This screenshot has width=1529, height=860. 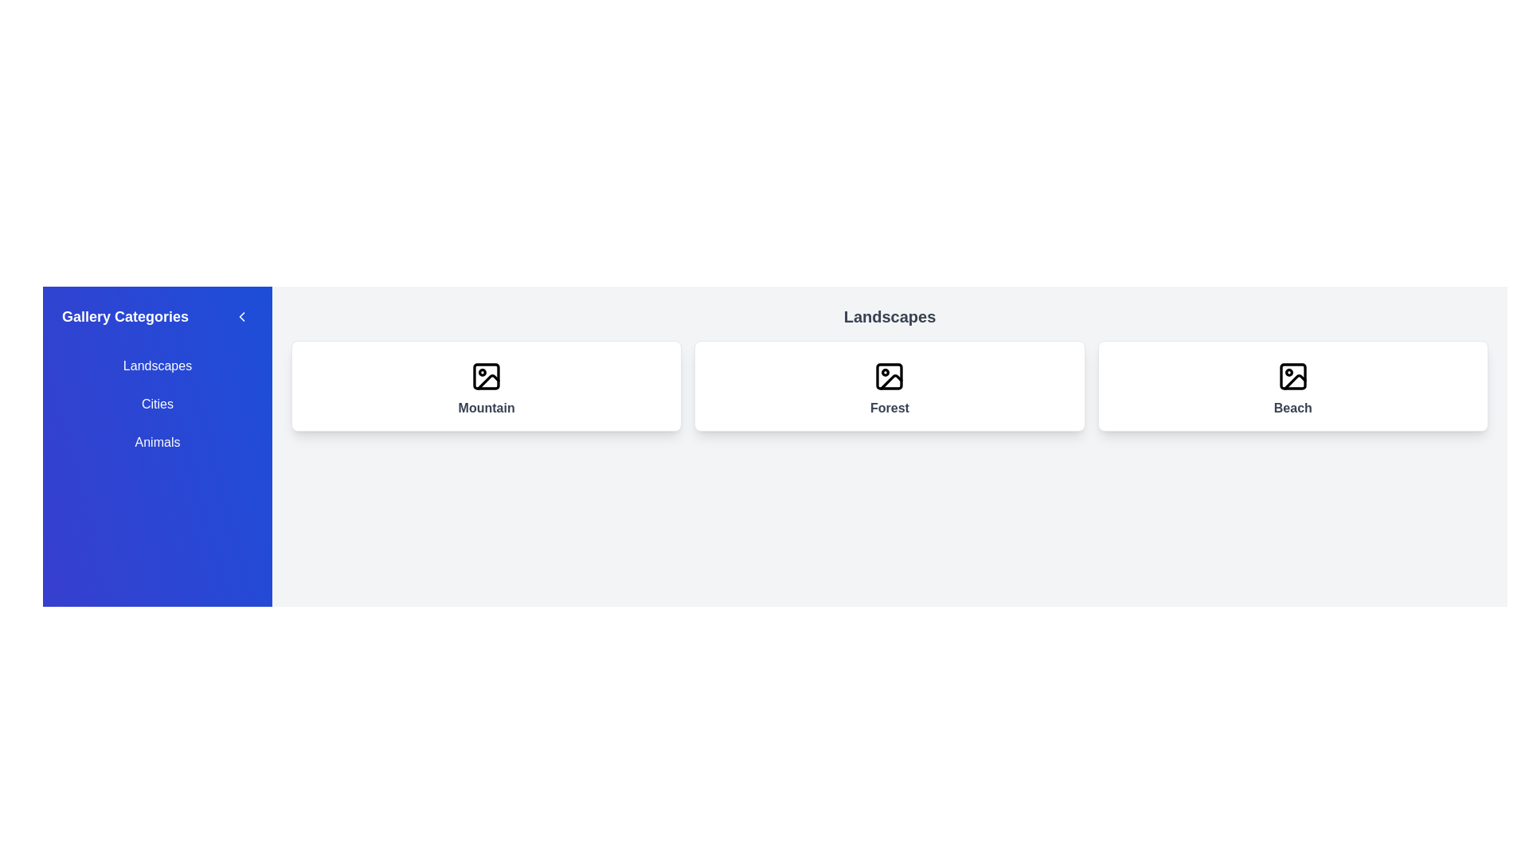 I want to click on the left-pointing chevron arrow icon in the circular button at the top-right corner of the sidebar, so click(x=240, y=316).